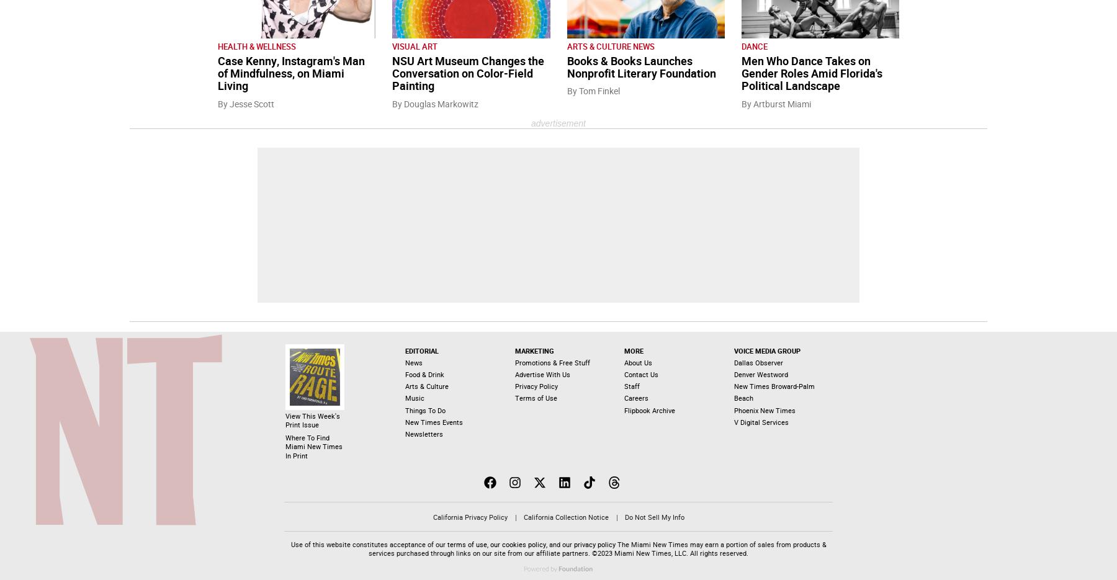 The height and width of the screenshot is (580, 1117). What do you see at coordinates (290, 73) in the screenshot?
I see `'Case Kenny, Instagram's Man of Mindfulness, on Miami Living'` at bounding box center [290, 73].